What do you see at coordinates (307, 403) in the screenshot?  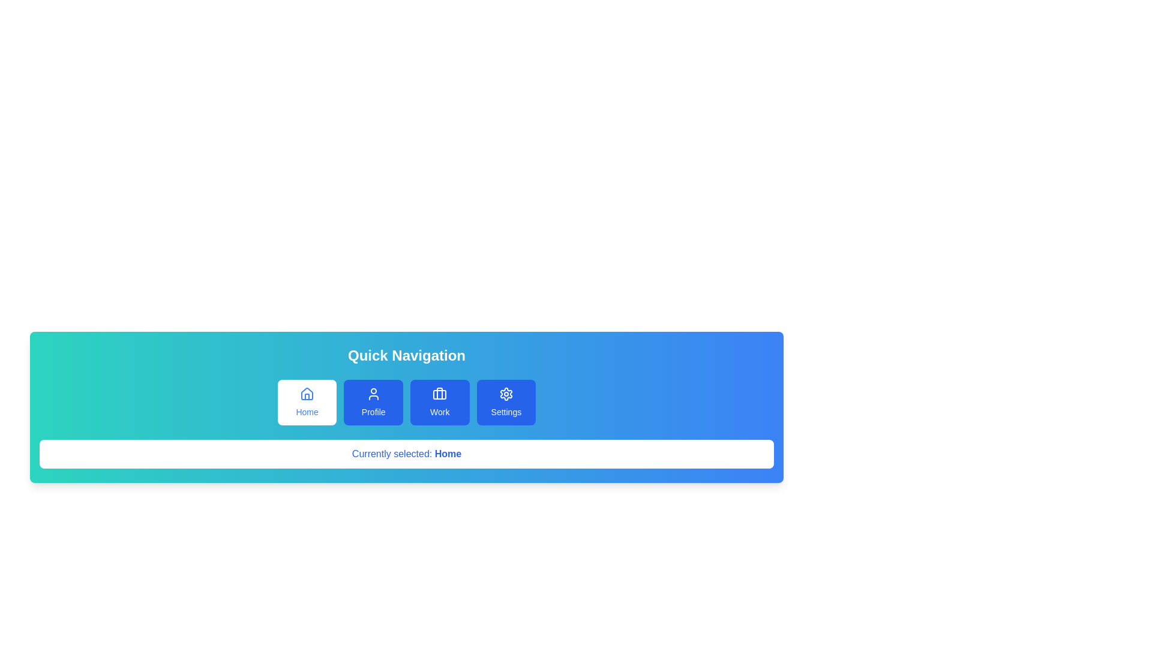 I see `the navigation tab Home` at bounding box center [307, 403].